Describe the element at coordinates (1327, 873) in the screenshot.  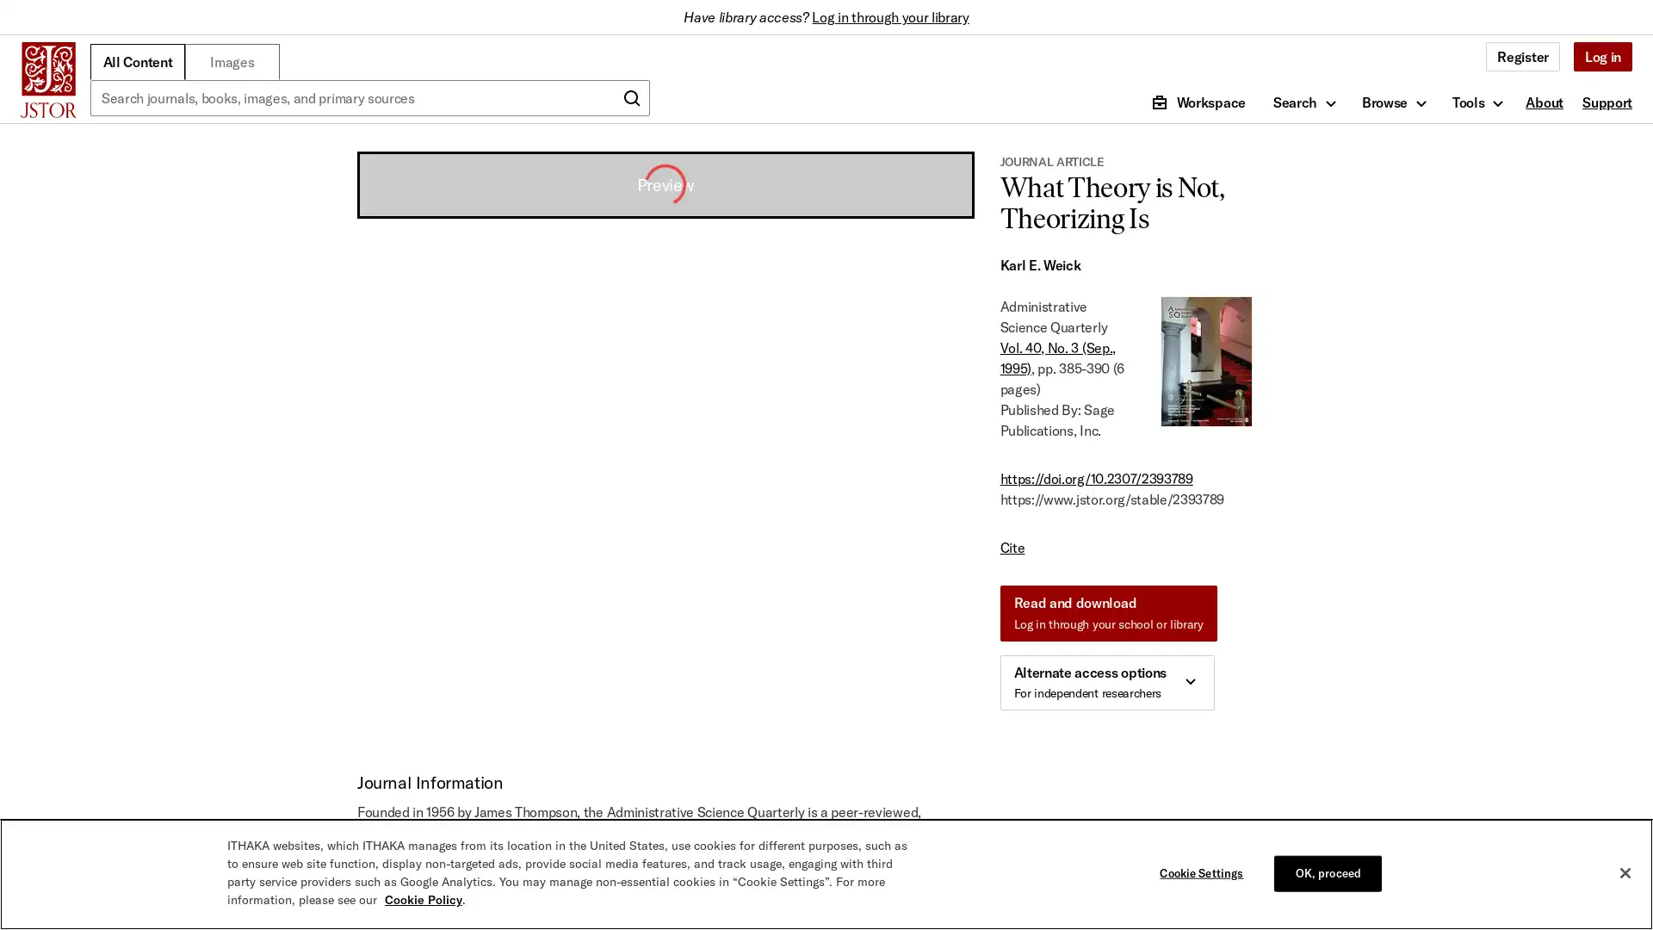
I see `OK, proceed` at that location.